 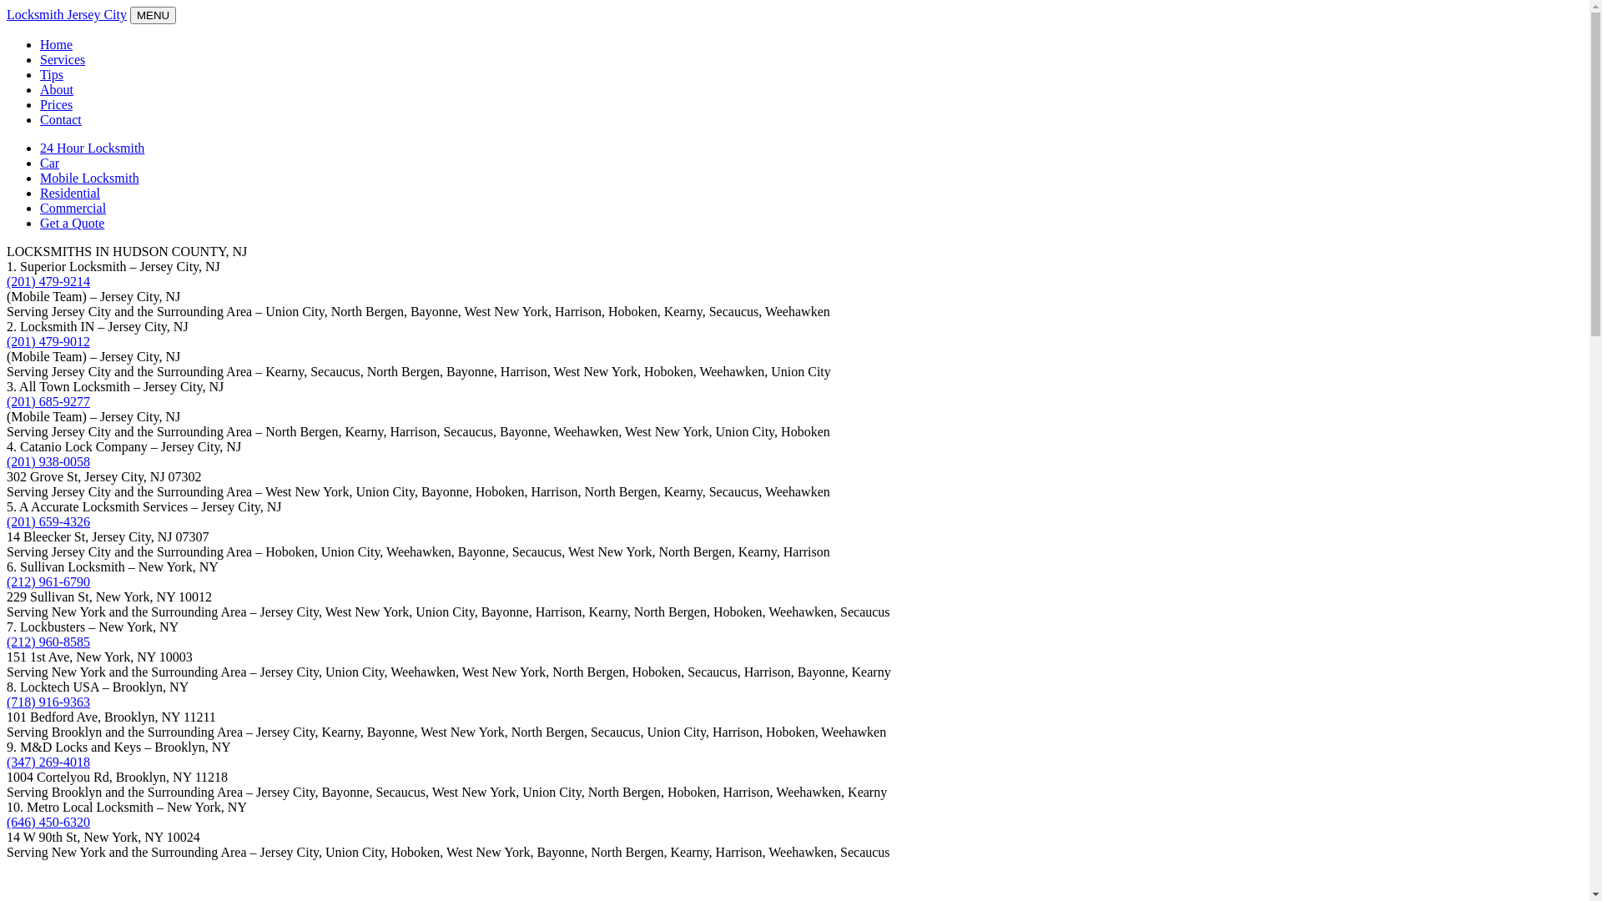 What do you see at coordinates (48, 821) in the screenshot?
I see `'(646) 450-6320'` at bounding box center [48, 821].